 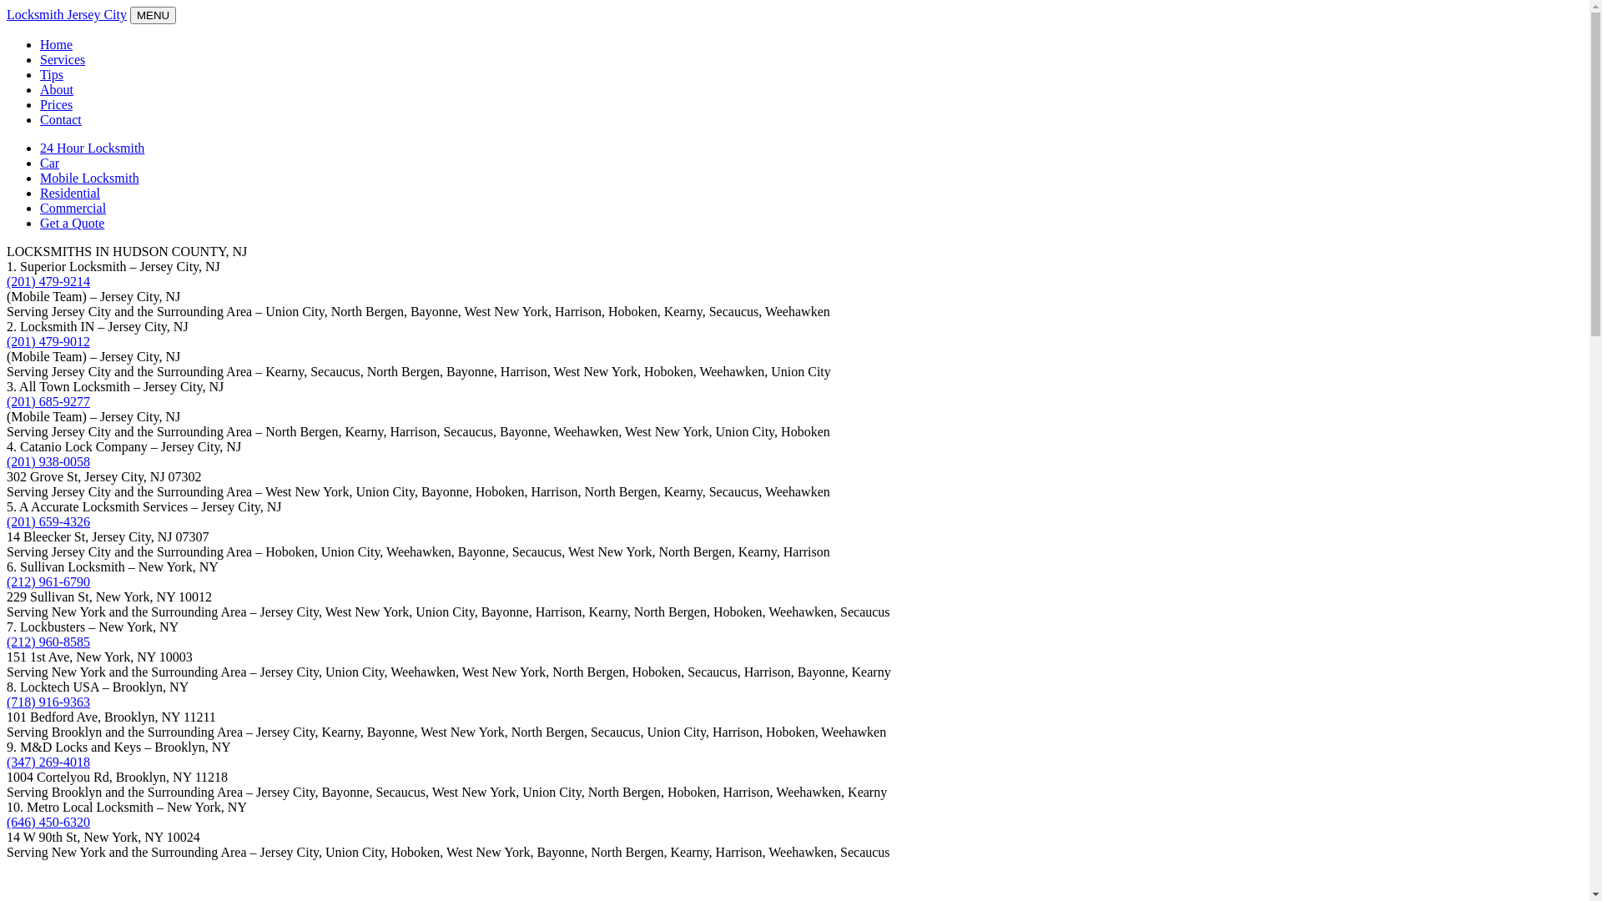 What do you see at coordinates (48, 821) in the screenshot?
I see `'(646) 450-6320'` at bounding box center [48, 821].